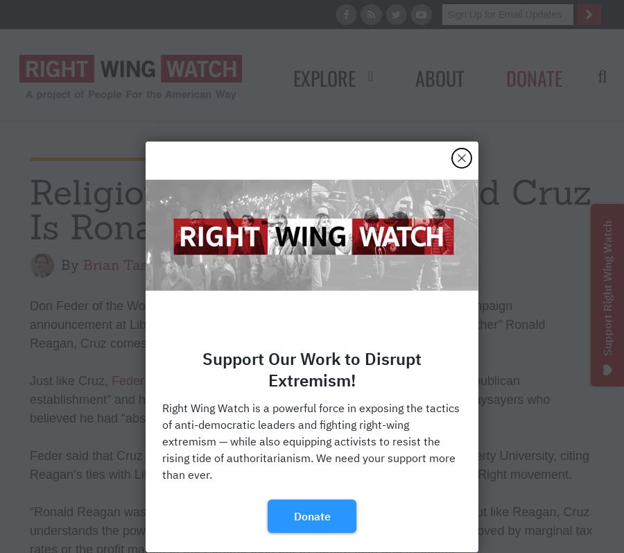  I want to click on 'Donate', so click(532, 78).